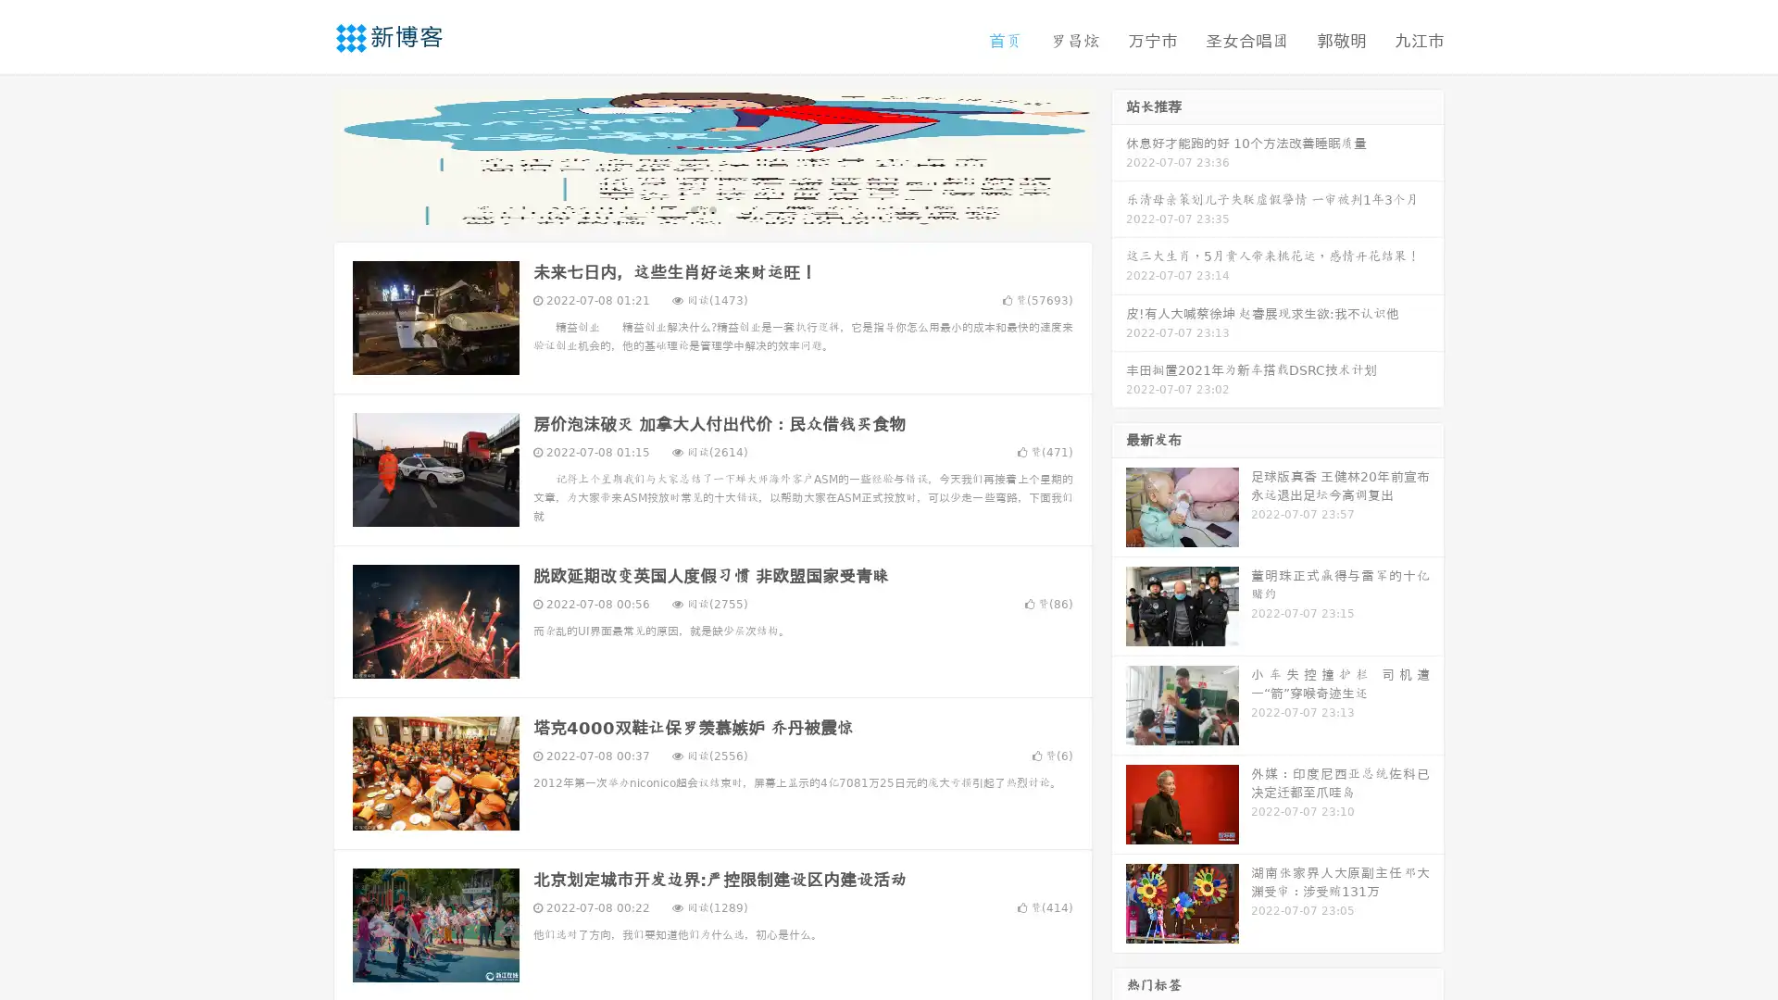  Describe the element at coordinates (1119, 156) in the screenshot. I see `Next slide` at that location.